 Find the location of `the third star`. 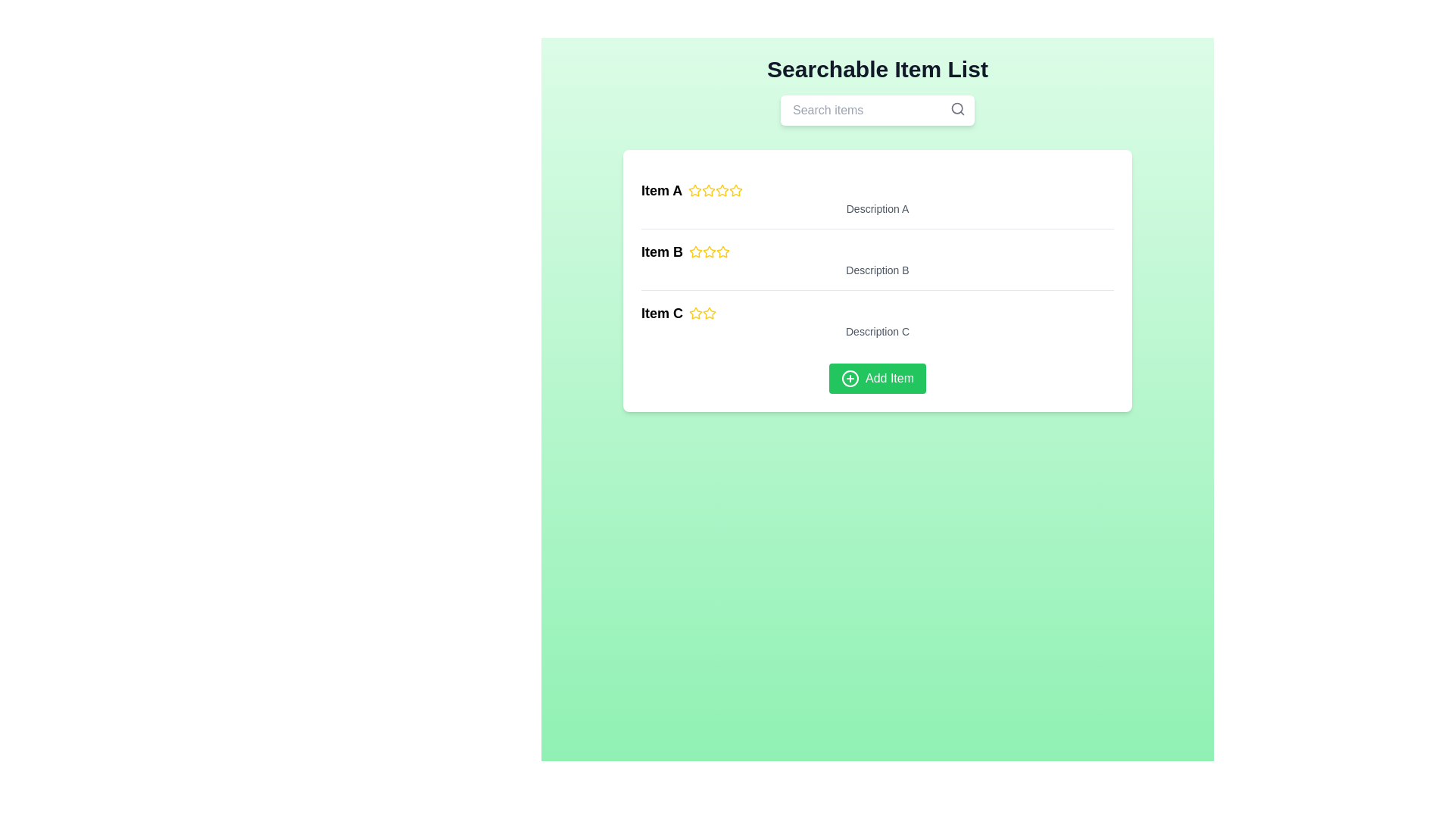

the third star is located at coordinates (735, 189).